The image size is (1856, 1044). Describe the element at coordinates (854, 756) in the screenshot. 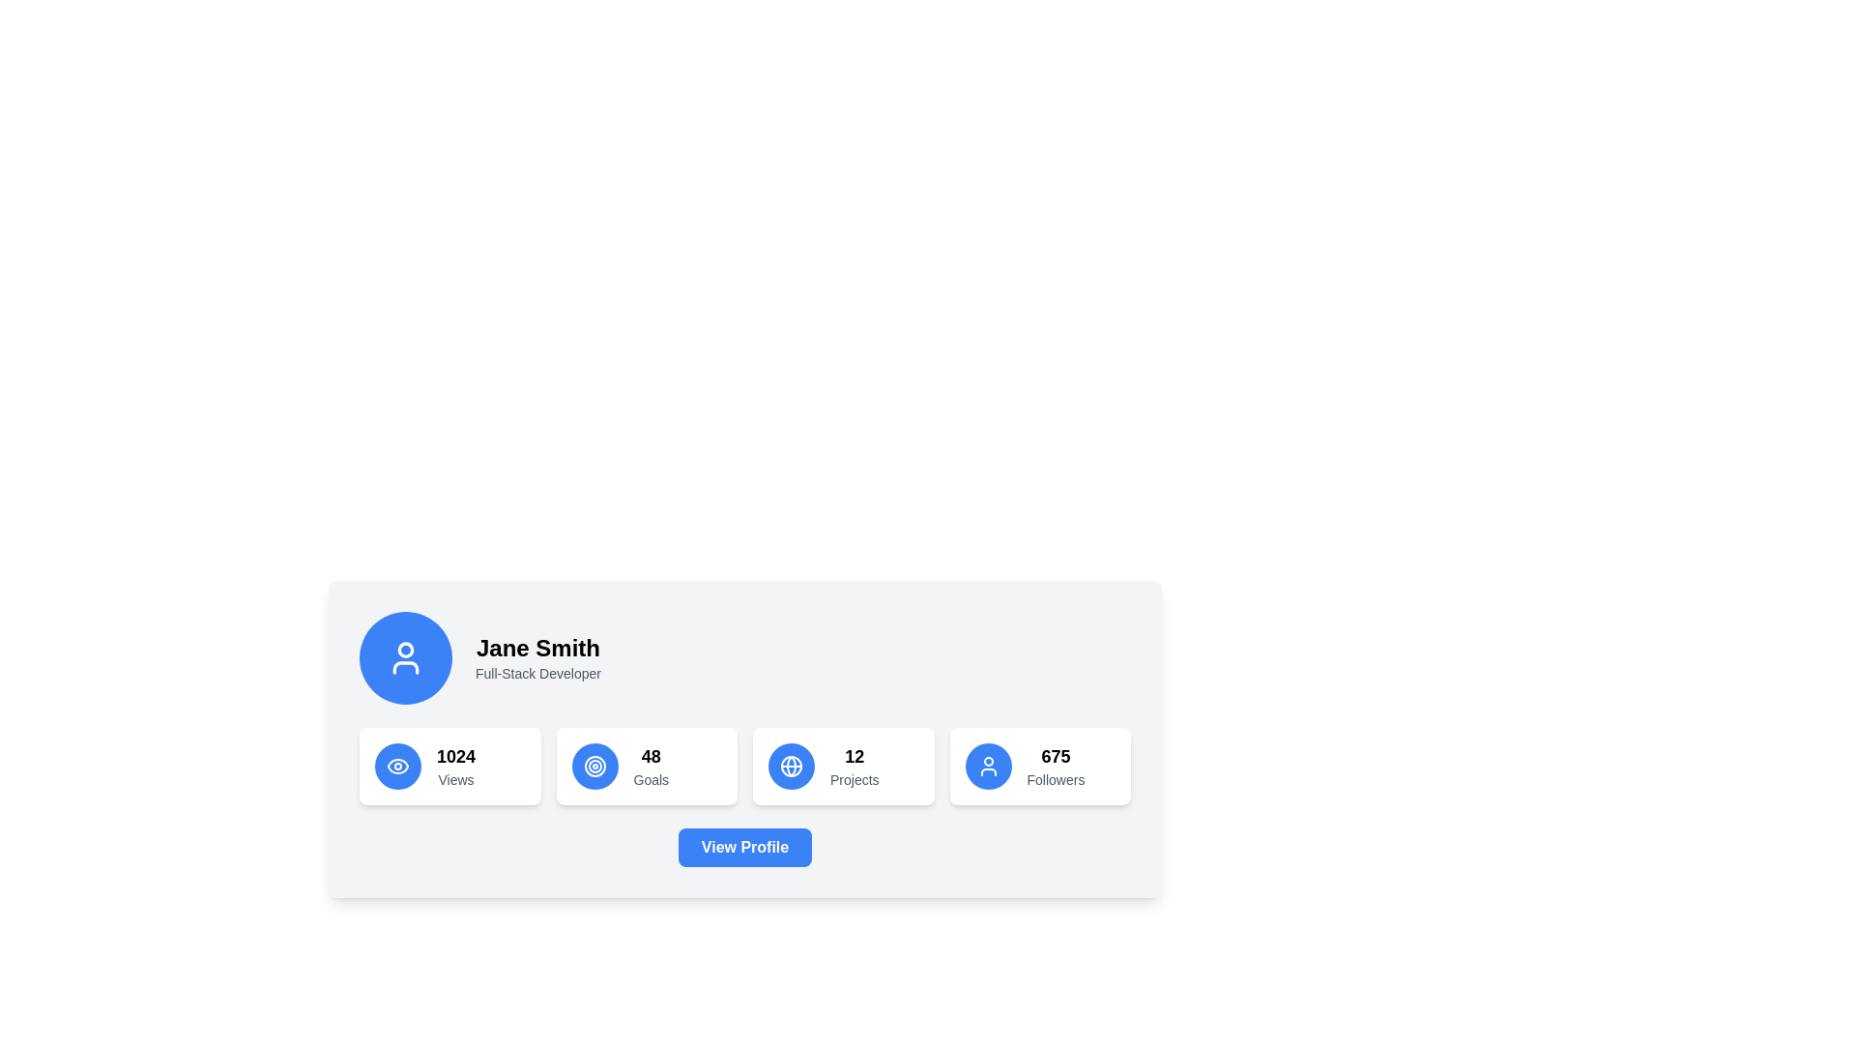

I see `the numeric indicator Text display showing the number of 'Projects' located above the text 'Projects' in the third box from the left` at that location.